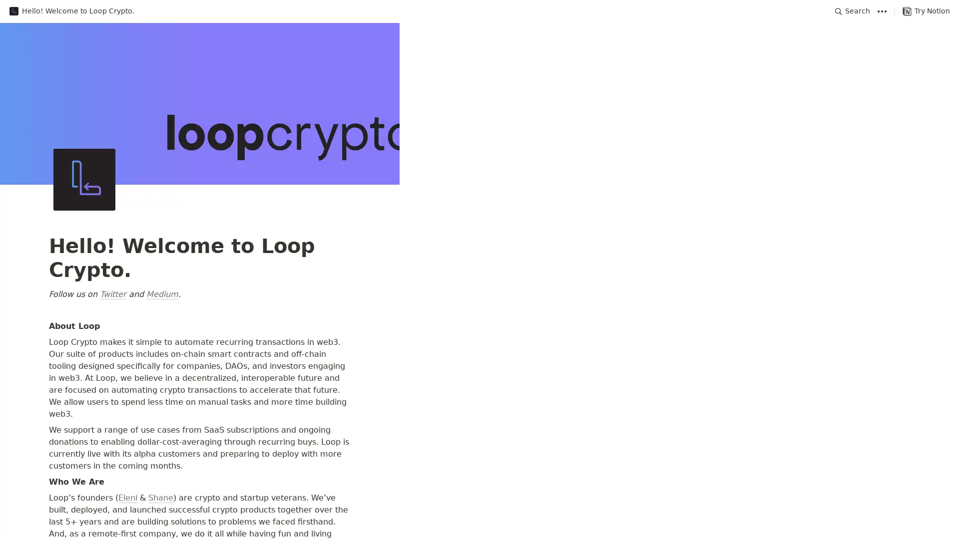 Image resolution: width=959 pixels, height=539 pixels. Describe the element at coordinates (71, 11) in the screenshot. I see `Hello! Welcome to Loop Crypto.` at that location.